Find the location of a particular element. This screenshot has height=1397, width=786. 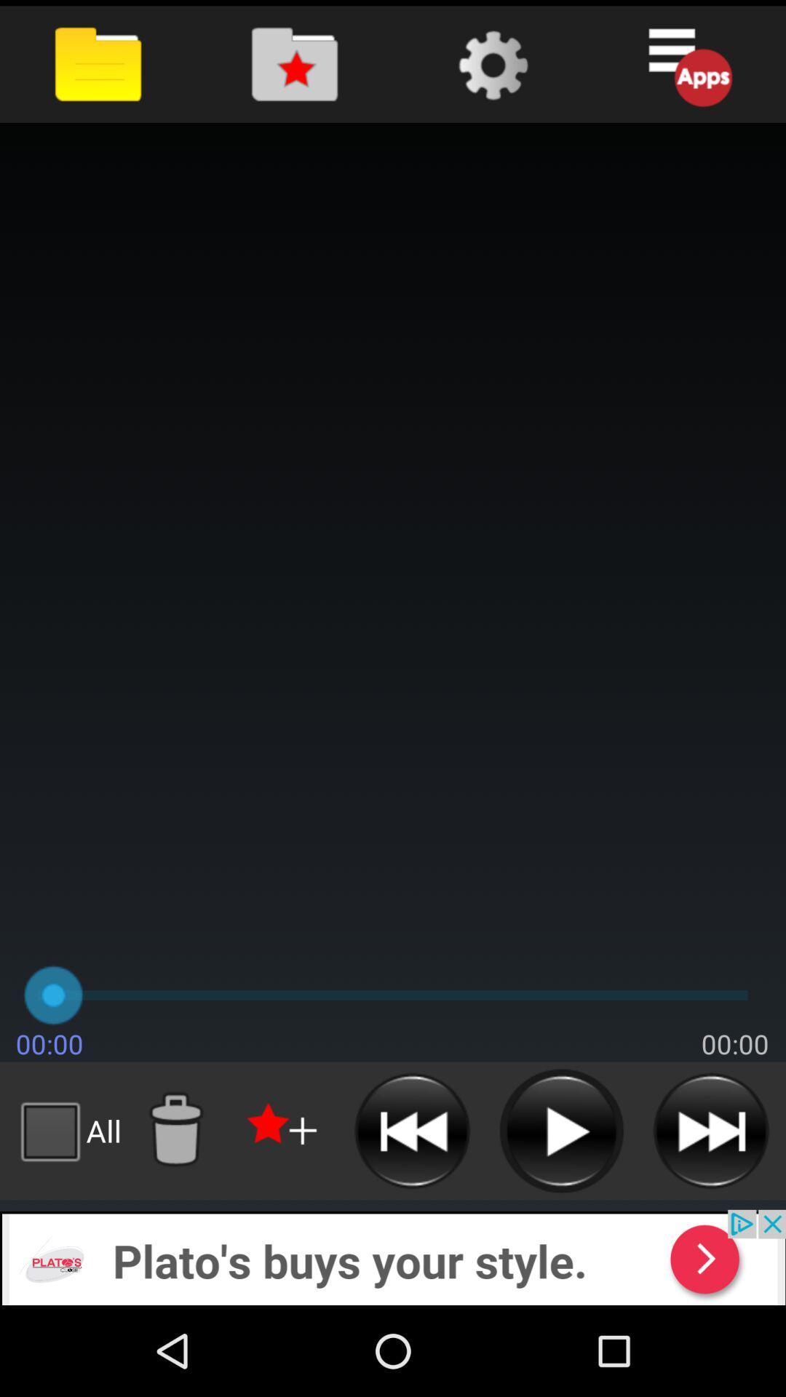

advertisement is located at coordinates (393, 1257).